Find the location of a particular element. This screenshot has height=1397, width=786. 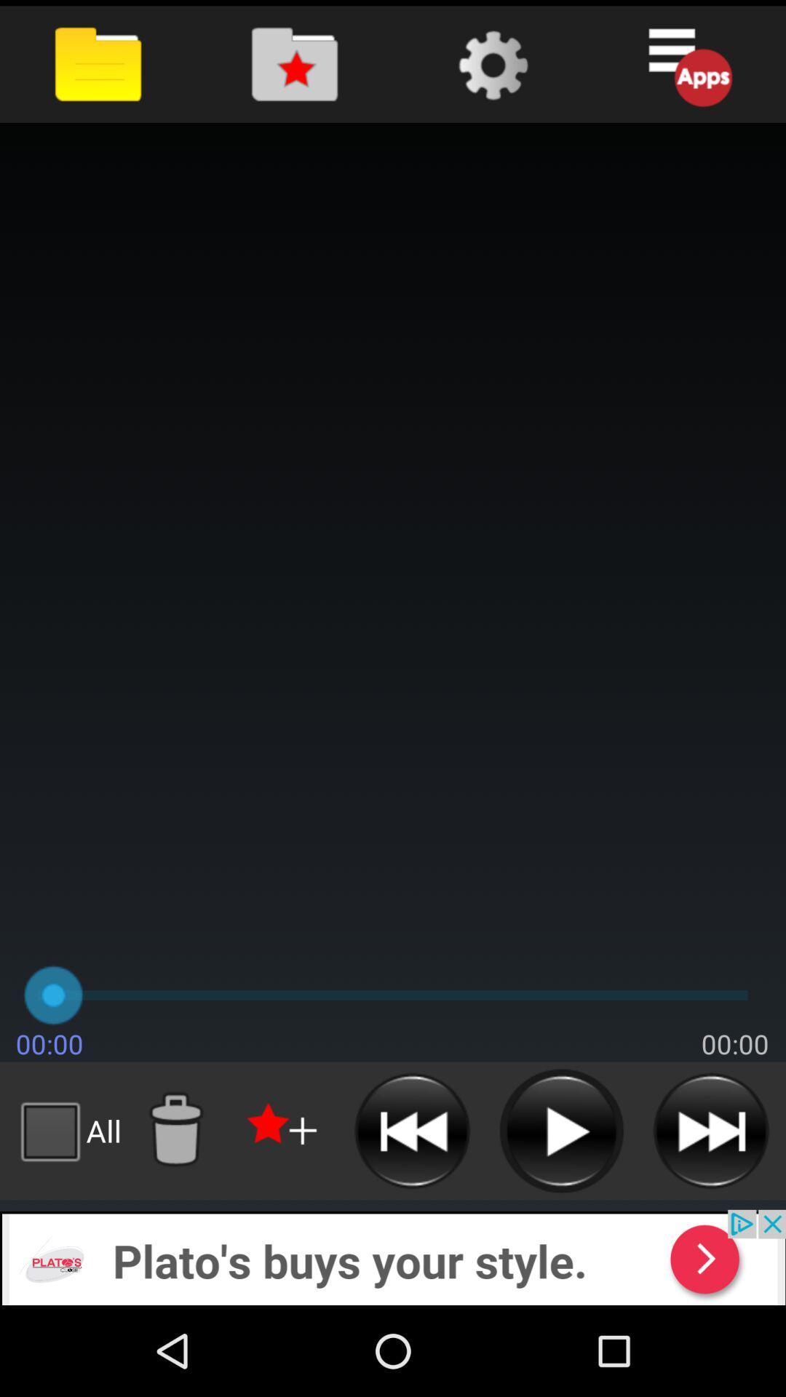

advertisement is located at coordinates (393, 1257).